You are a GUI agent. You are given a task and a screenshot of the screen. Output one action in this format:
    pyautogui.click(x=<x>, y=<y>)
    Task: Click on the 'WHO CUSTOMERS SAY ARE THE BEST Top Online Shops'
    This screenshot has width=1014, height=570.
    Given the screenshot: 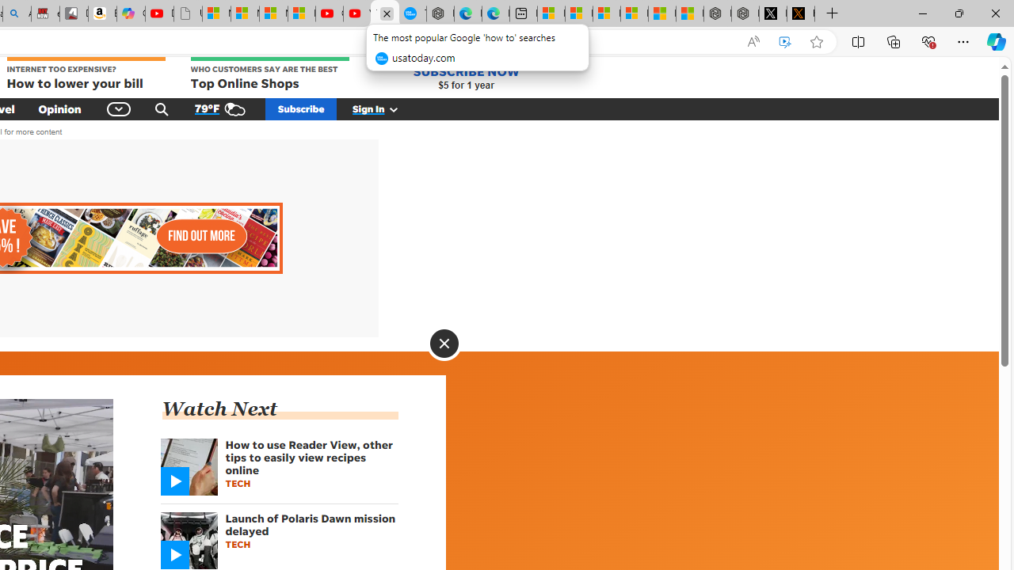 What is the action you would take?
    pyautogui.click(x=270, y=74)
    